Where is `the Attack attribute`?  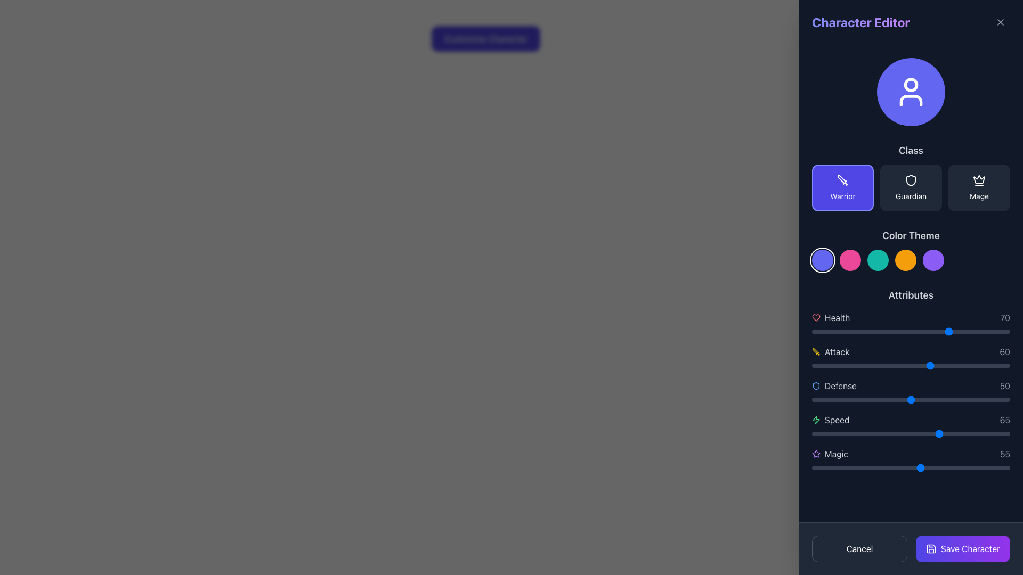
the Attack attribute is located at coordinates (875, 365).